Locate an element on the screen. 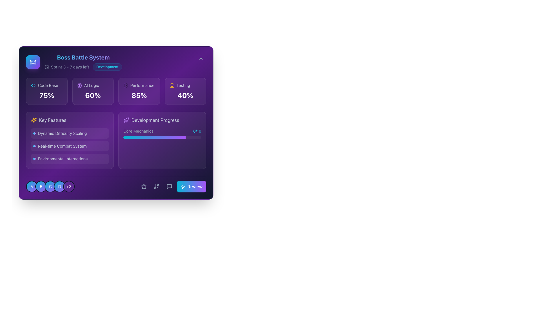 The image size is (556, 312). the header of the composite informational element that summarizes a project or task is located at coordinates (83, 62).